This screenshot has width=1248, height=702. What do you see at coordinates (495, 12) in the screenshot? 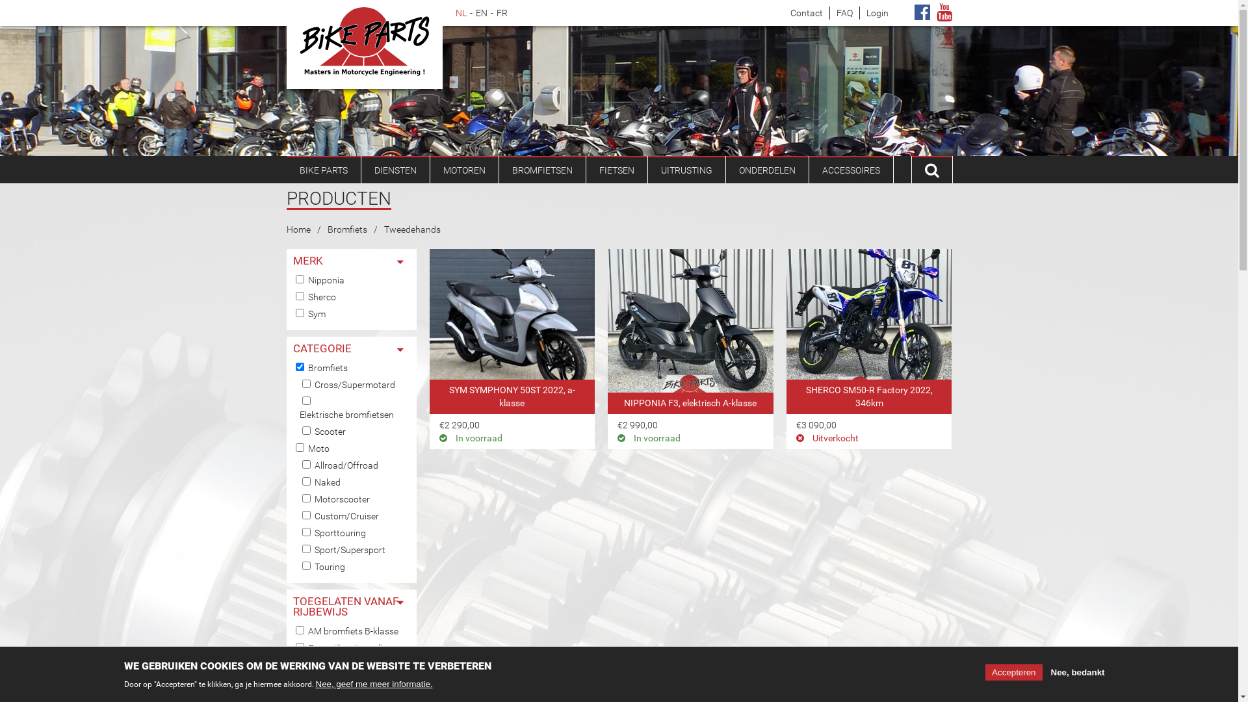
I see `'FR'` at bounding box center [495, 12].